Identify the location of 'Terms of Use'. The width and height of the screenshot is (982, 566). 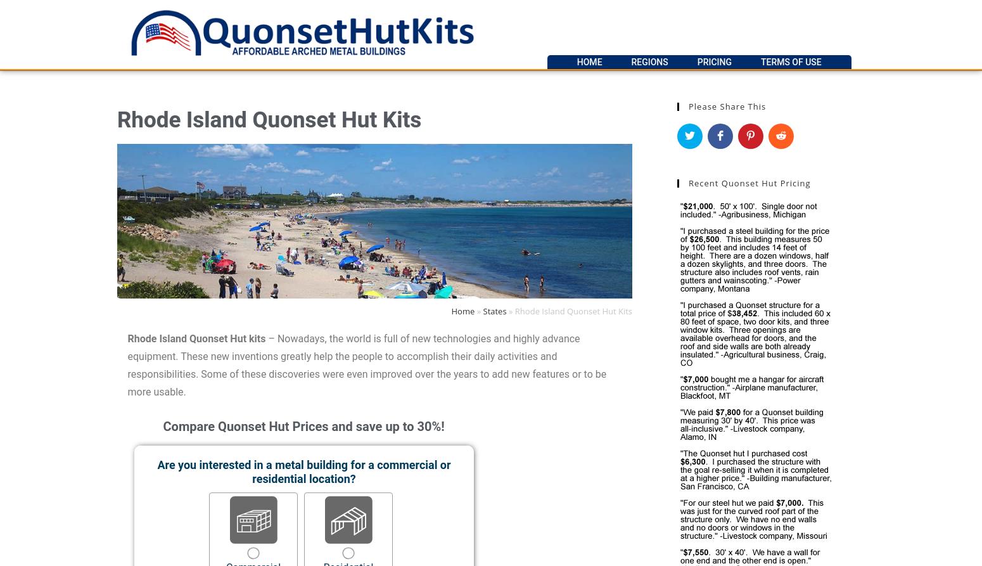
(790, 61).